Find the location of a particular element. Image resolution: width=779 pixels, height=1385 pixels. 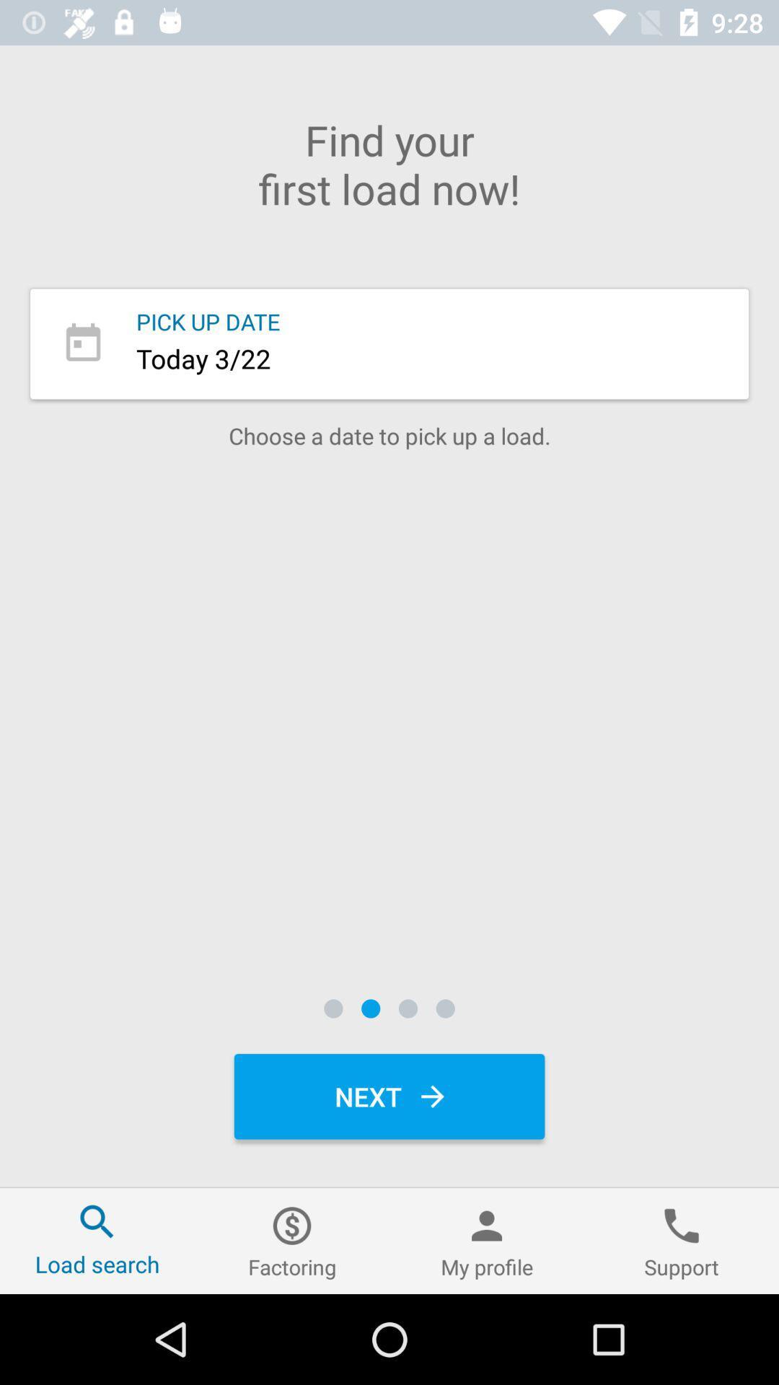

icon next to factoring icon is located at coordinates (487, 1240).